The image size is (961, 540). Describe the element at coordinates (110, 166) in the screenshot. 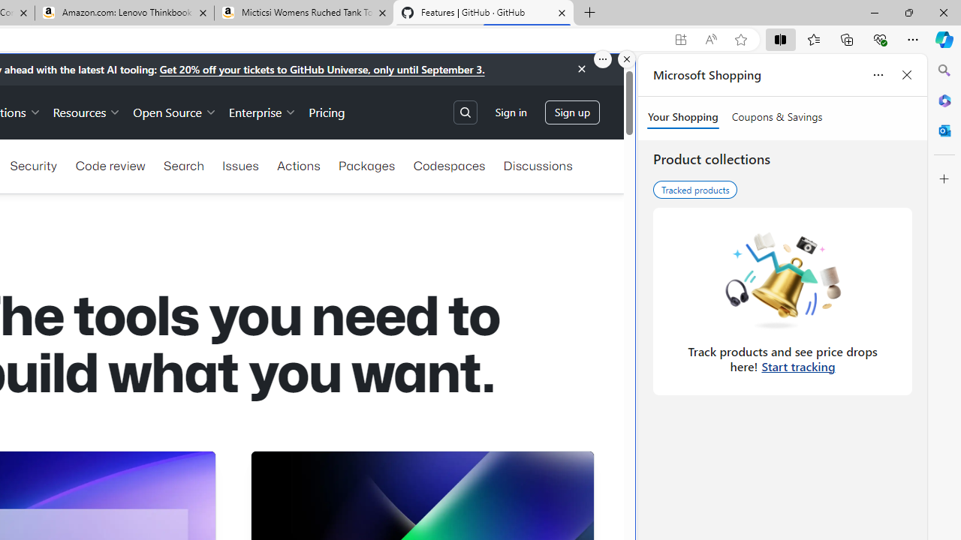

I see `'Code review'` at that location.